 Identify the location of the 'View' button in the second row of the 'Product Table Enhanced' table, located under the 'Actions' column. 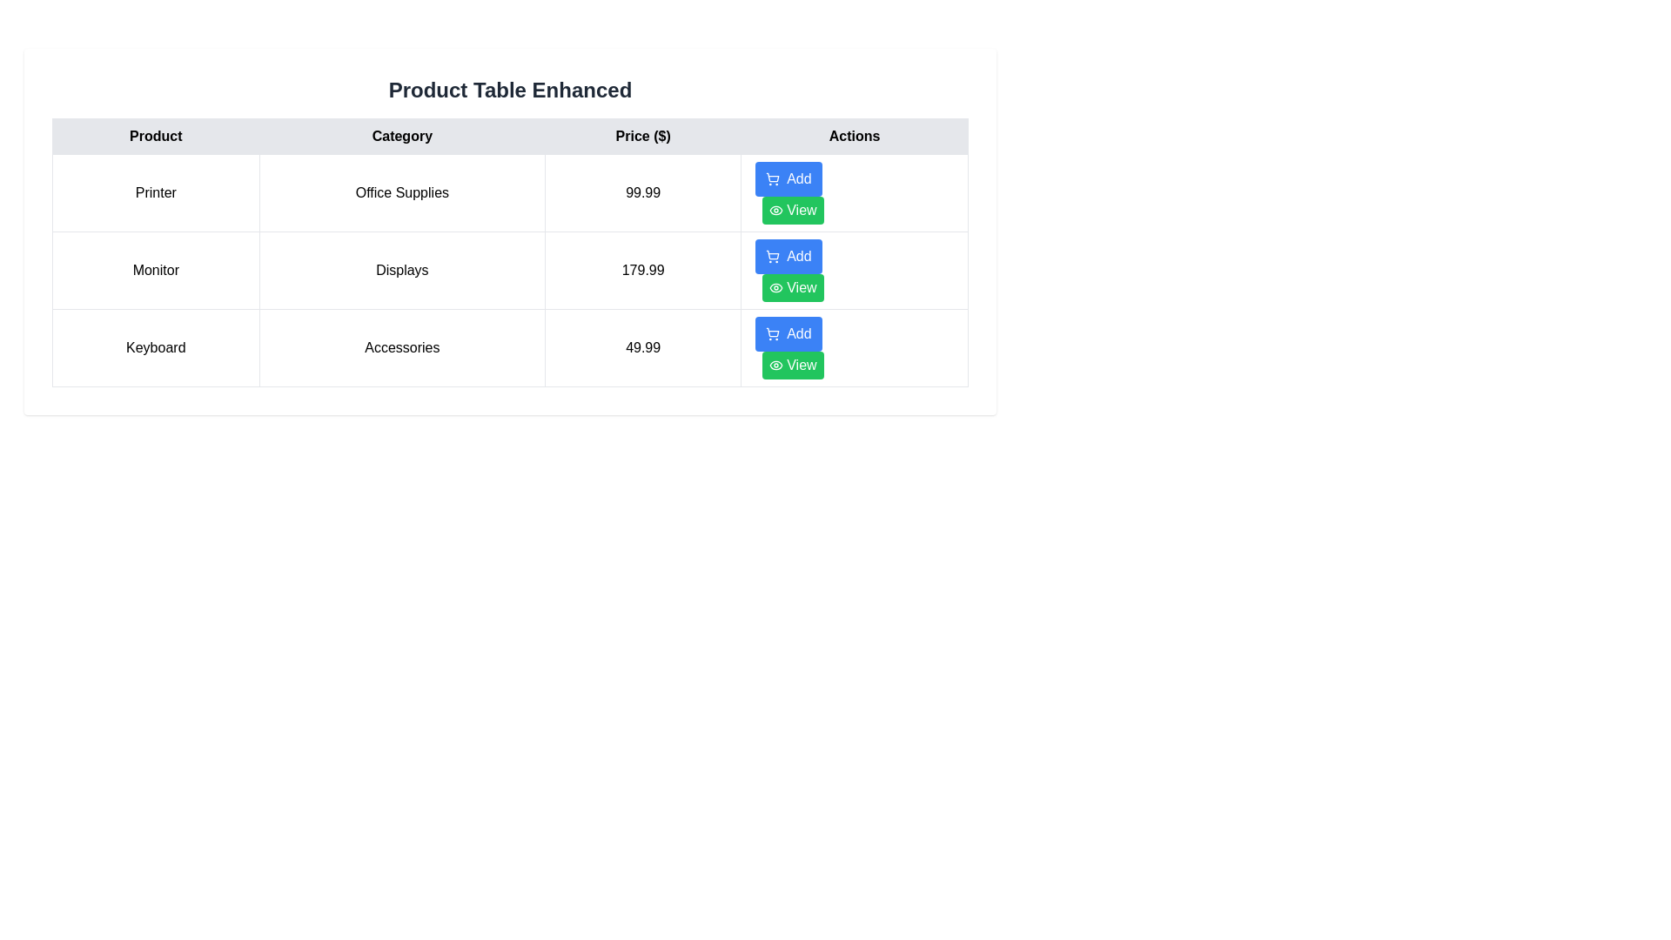
(775, 287).